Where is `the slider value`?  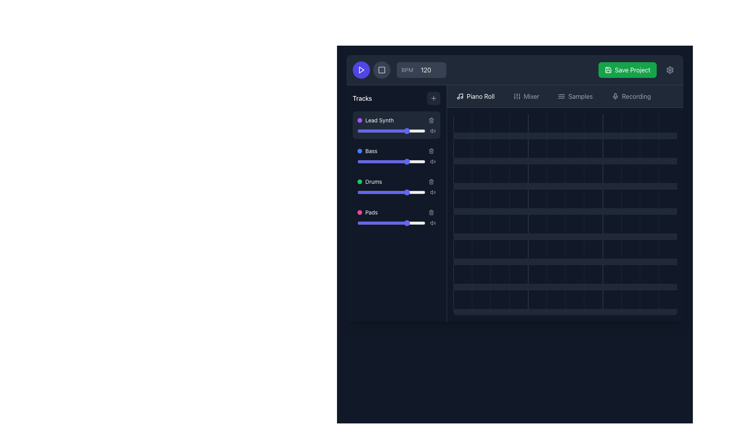
the slider value is located at coordinates (398, 161).